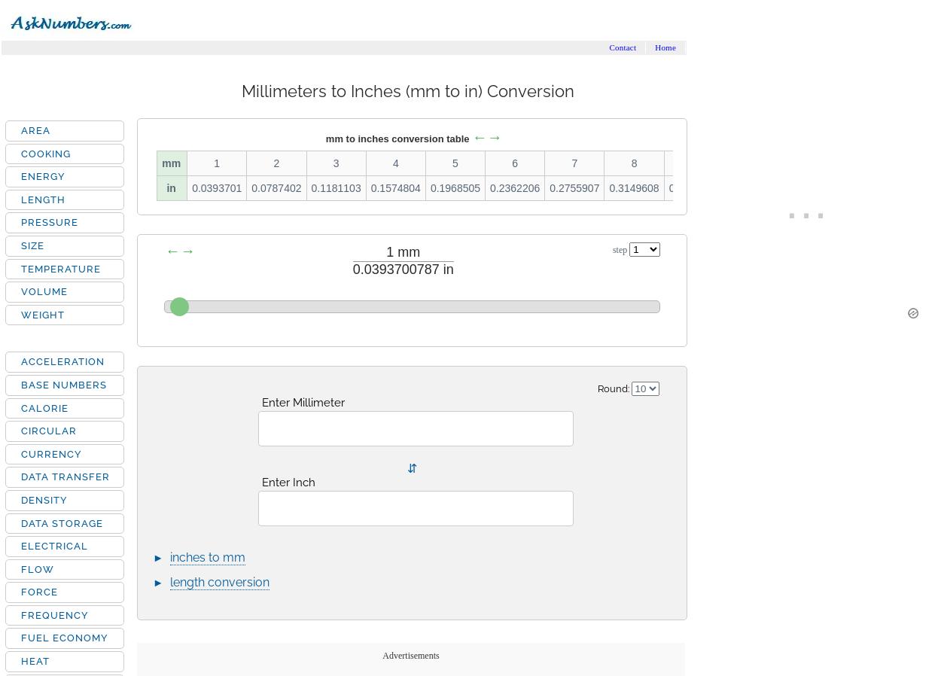  Describe the element at coordinates (452, 162) in the screenshot. I see `'5'` at that location.